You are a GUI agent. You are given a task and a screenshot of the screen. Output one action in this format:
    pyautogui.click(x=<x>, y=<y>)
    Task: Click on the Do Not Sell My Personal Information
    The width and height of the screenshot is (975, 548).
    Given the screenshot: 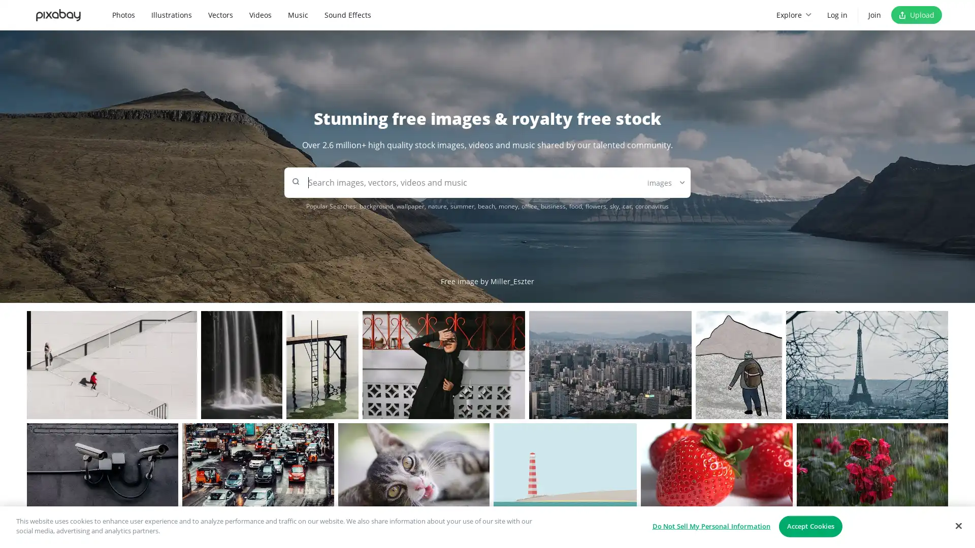 What is the action you would take?
    pyautogui.click(x=710, y=526)
    